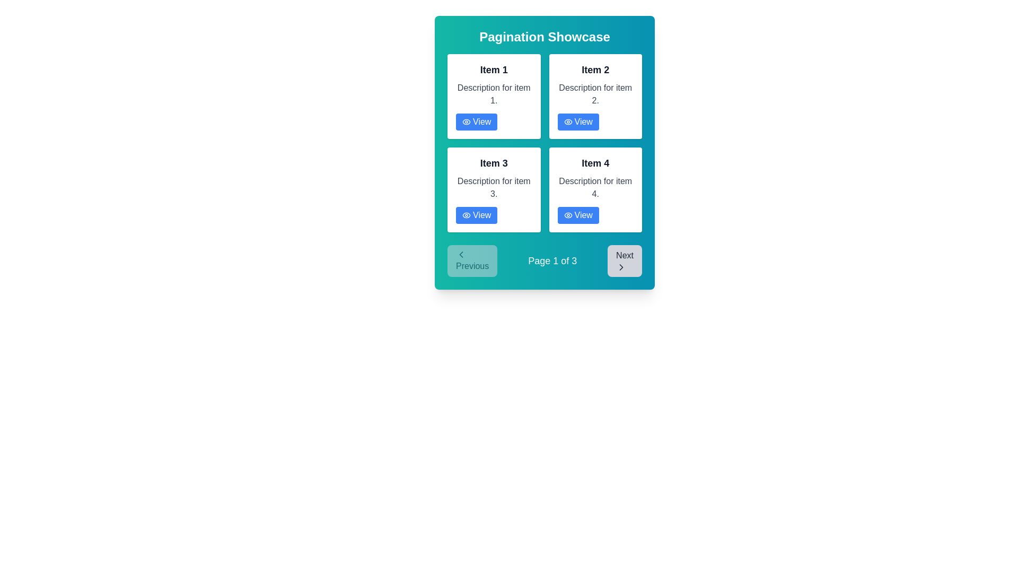  Describe the element at coordinates (577, 121) in the screenshot. I see `the 'View' button with a blue background and white text, which includes an eye icon to the left of the text` at that location.